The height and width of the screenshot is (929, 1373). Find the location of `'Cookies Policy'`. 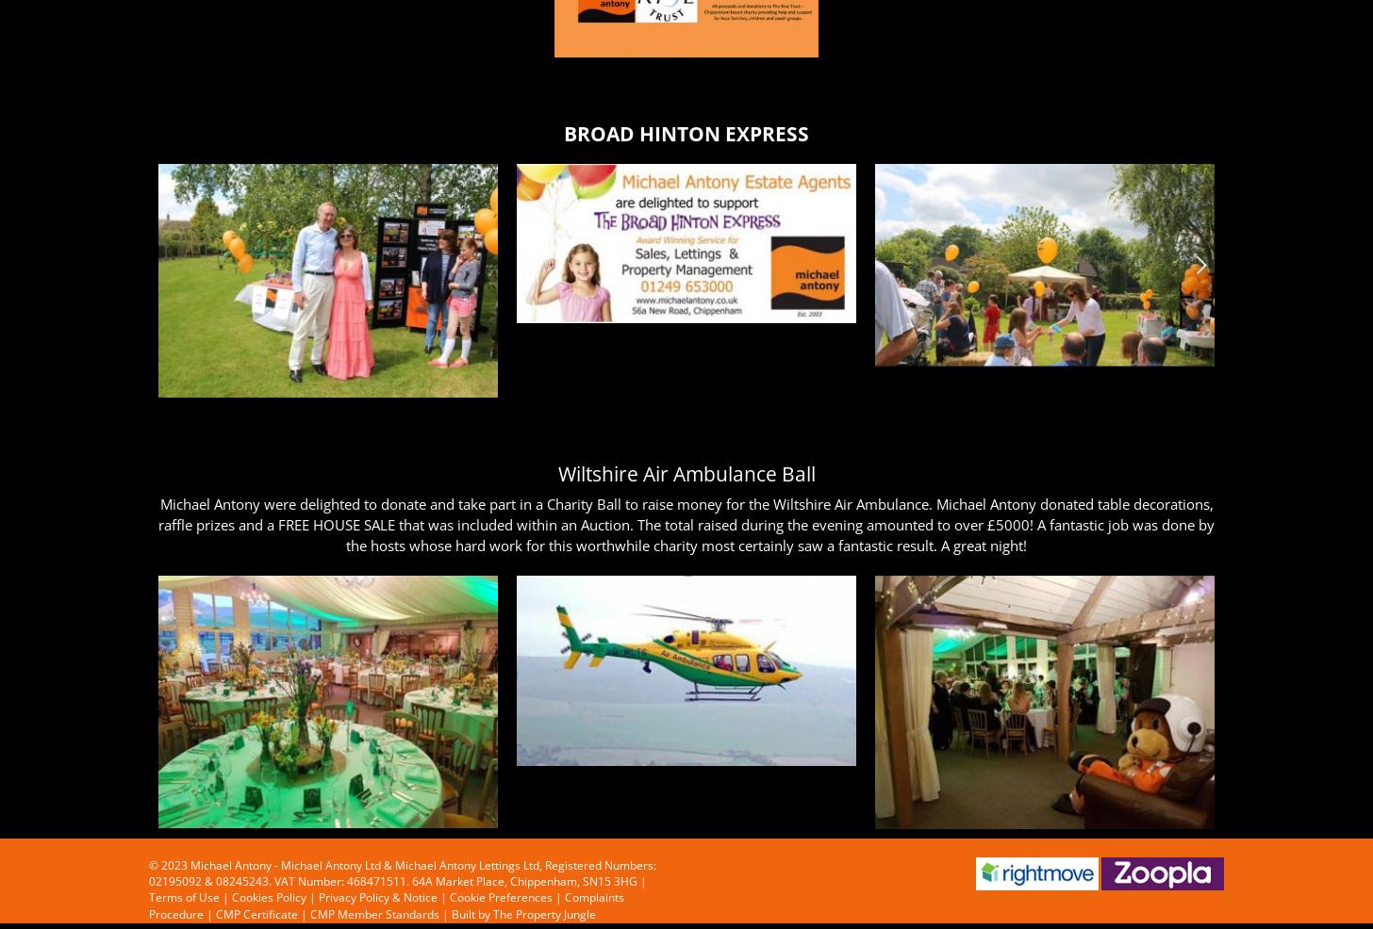

'Cookies Policy' is located at coordinates (269, 897).